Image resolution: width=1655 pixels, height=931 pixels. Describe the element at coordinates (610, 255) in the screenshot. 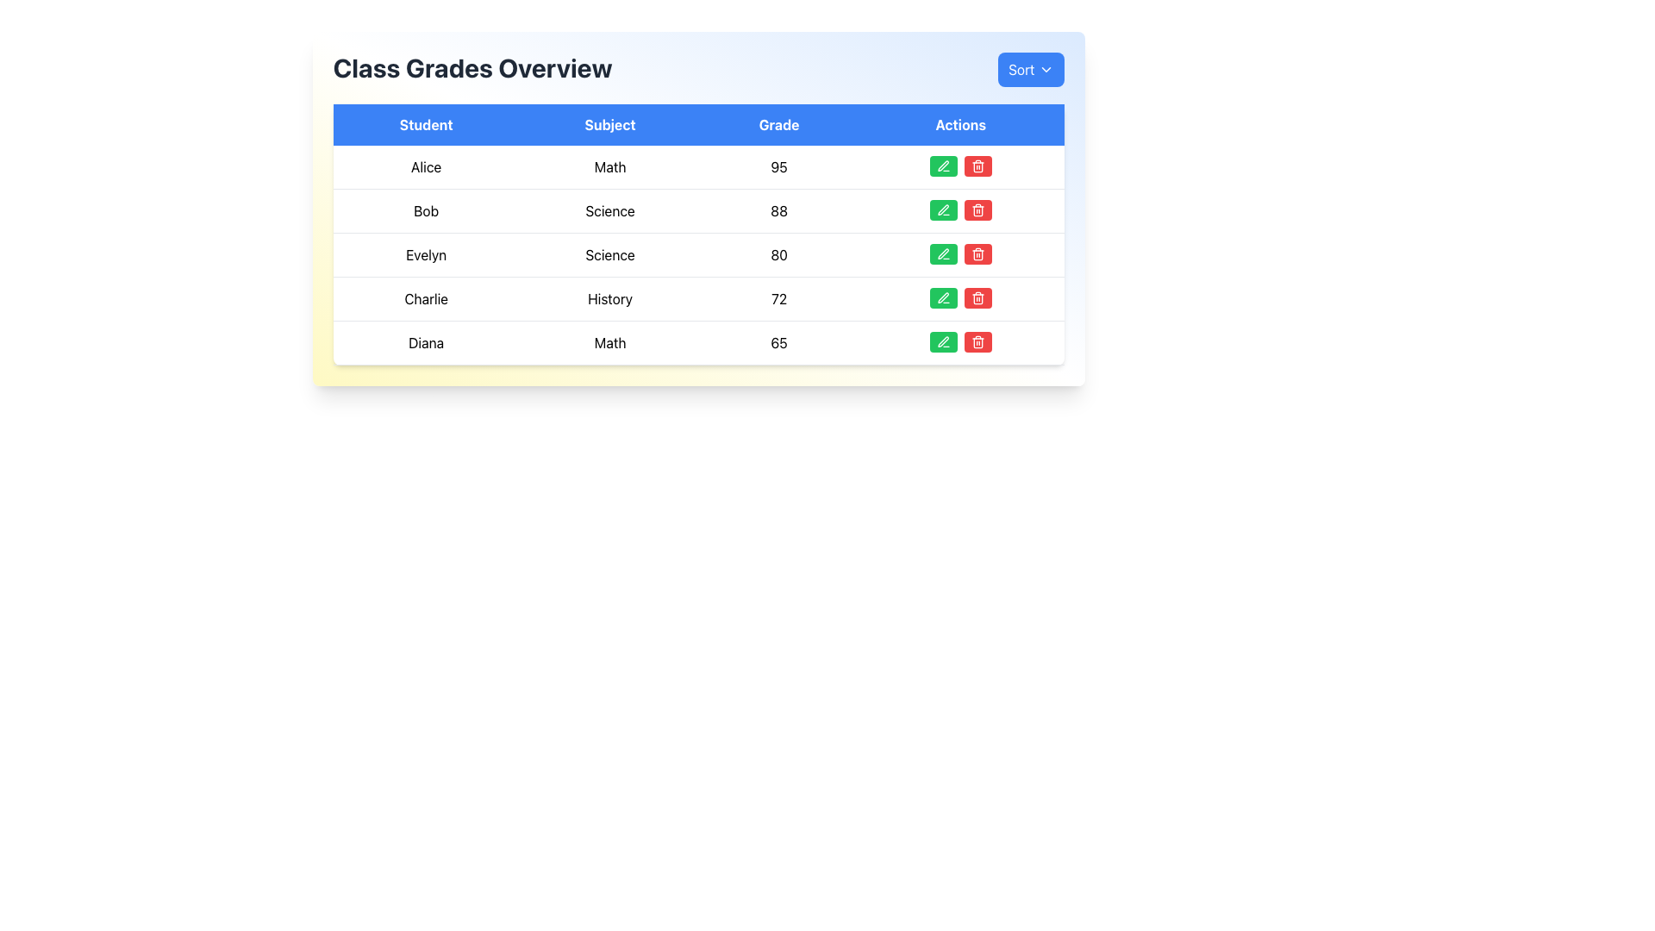

I see `the static text label displaying 'Science' located in the second column of the table, under the 'Subject' header` at that location.